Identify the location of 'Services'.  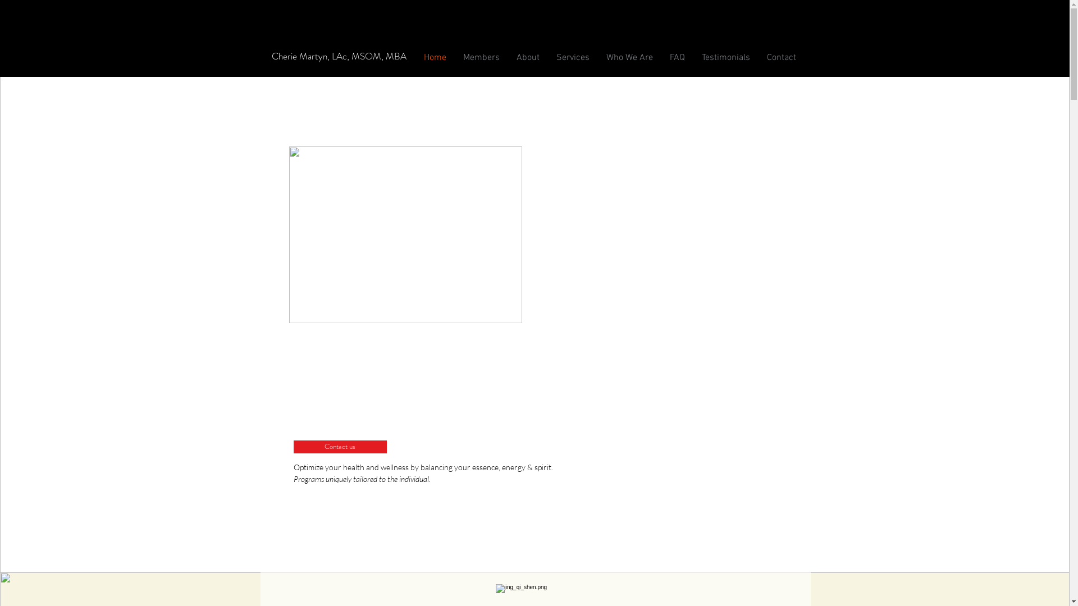
(573, 58).